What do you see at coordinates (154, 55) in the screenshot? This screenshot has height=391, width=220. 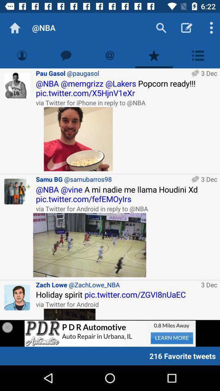 I see `page to favorties` at bounding box center [154, 55].